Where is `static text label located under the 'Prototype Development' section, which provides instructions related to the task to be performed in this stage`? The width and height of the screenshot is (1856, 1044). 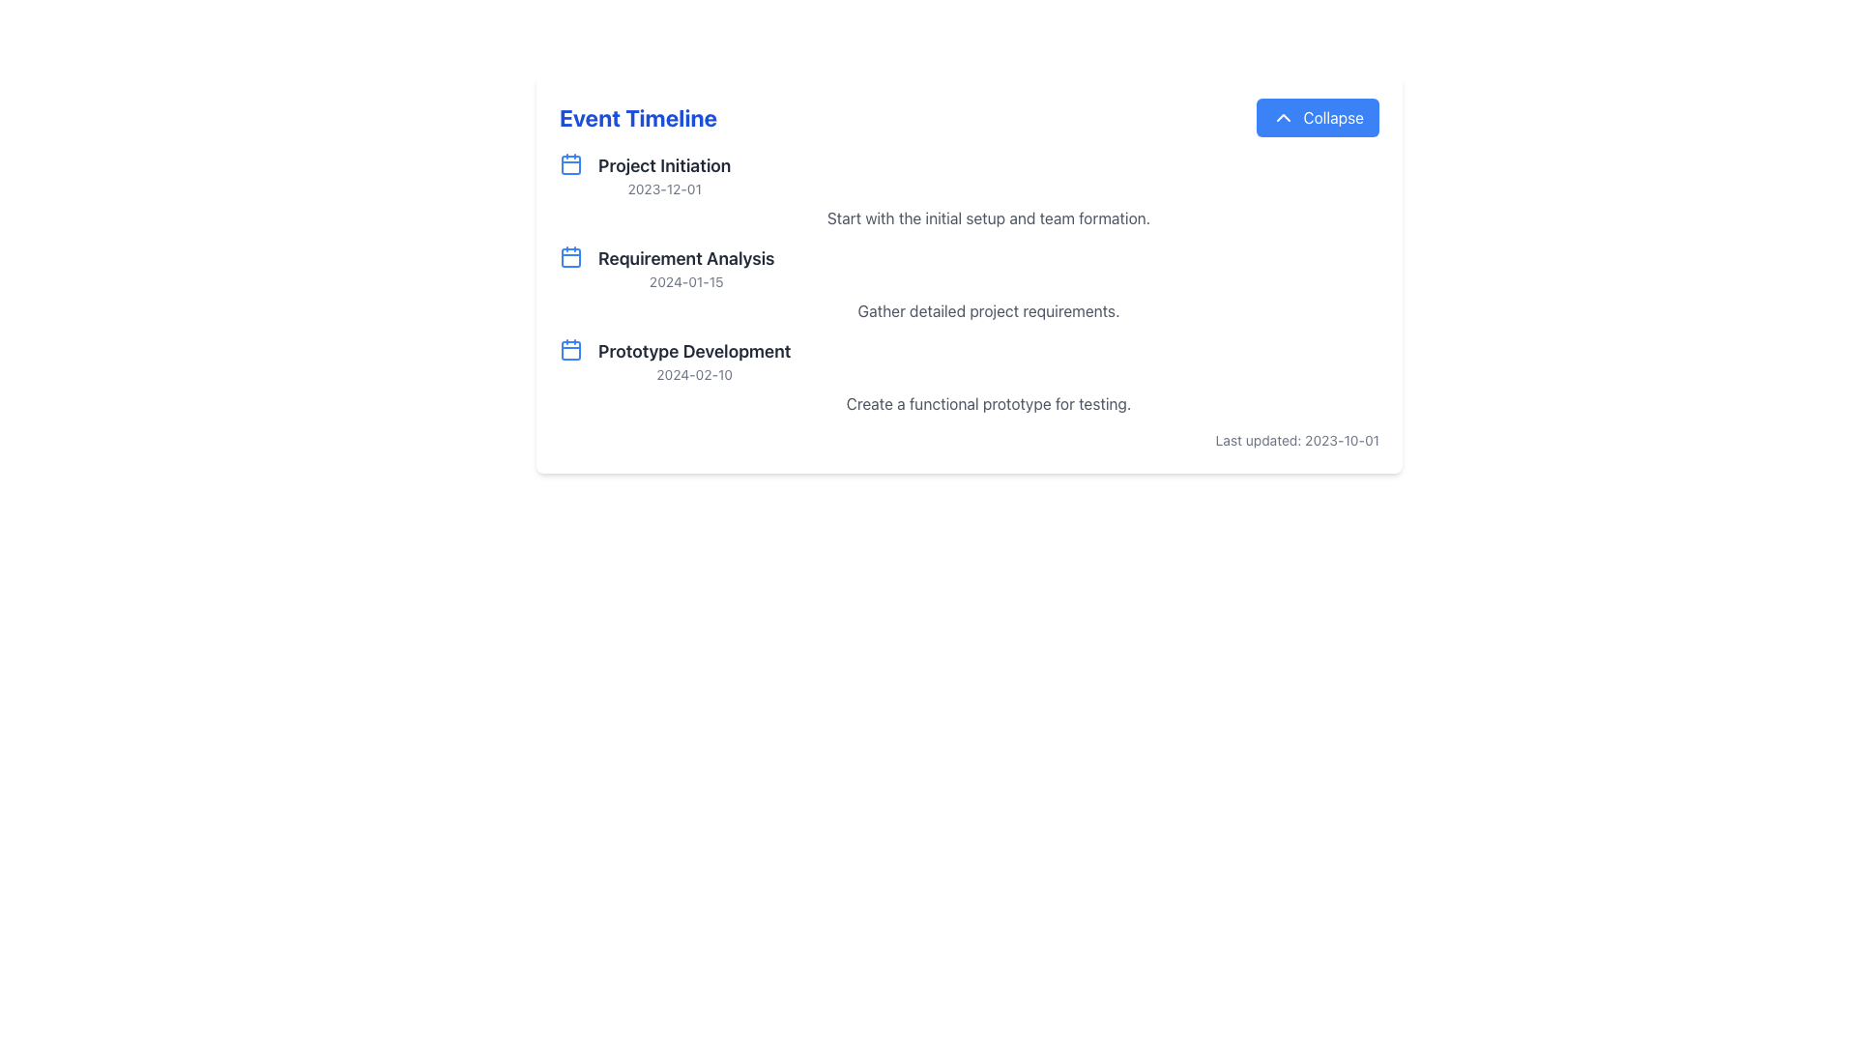 static text label located under the 'Prototype Development' section, which provides instructions related to the task to be performed in this stage is located at coordinates (970, 402).